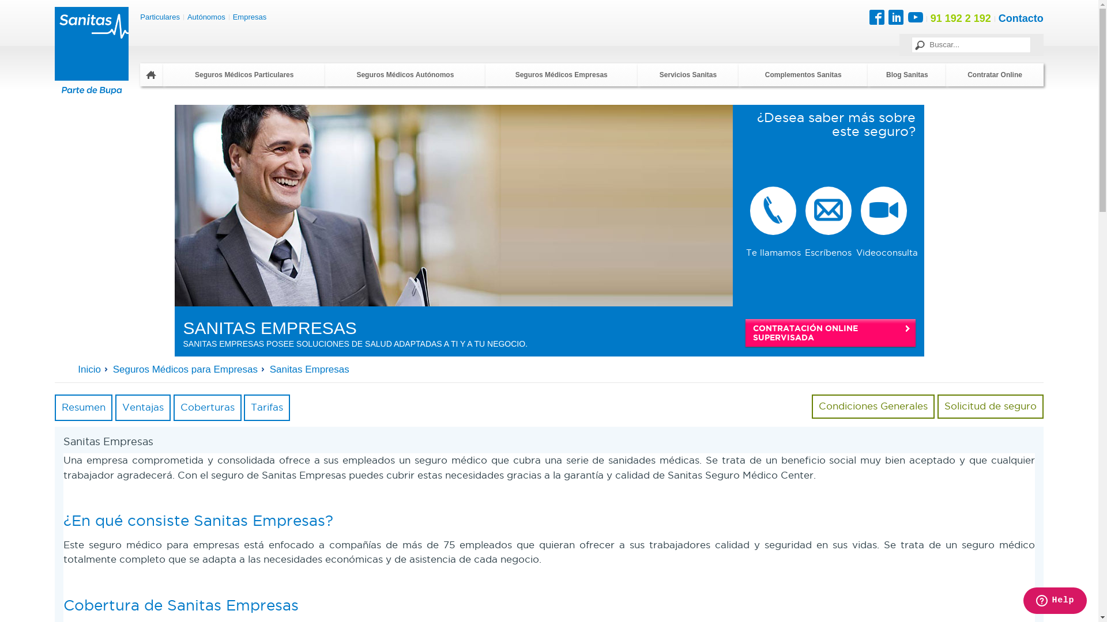 The height and width of the screenshot is (622, 1107). Describe the element at coordinates (688, 75) in the screenshot. I see `'Servicios Sanitas'` at that location.